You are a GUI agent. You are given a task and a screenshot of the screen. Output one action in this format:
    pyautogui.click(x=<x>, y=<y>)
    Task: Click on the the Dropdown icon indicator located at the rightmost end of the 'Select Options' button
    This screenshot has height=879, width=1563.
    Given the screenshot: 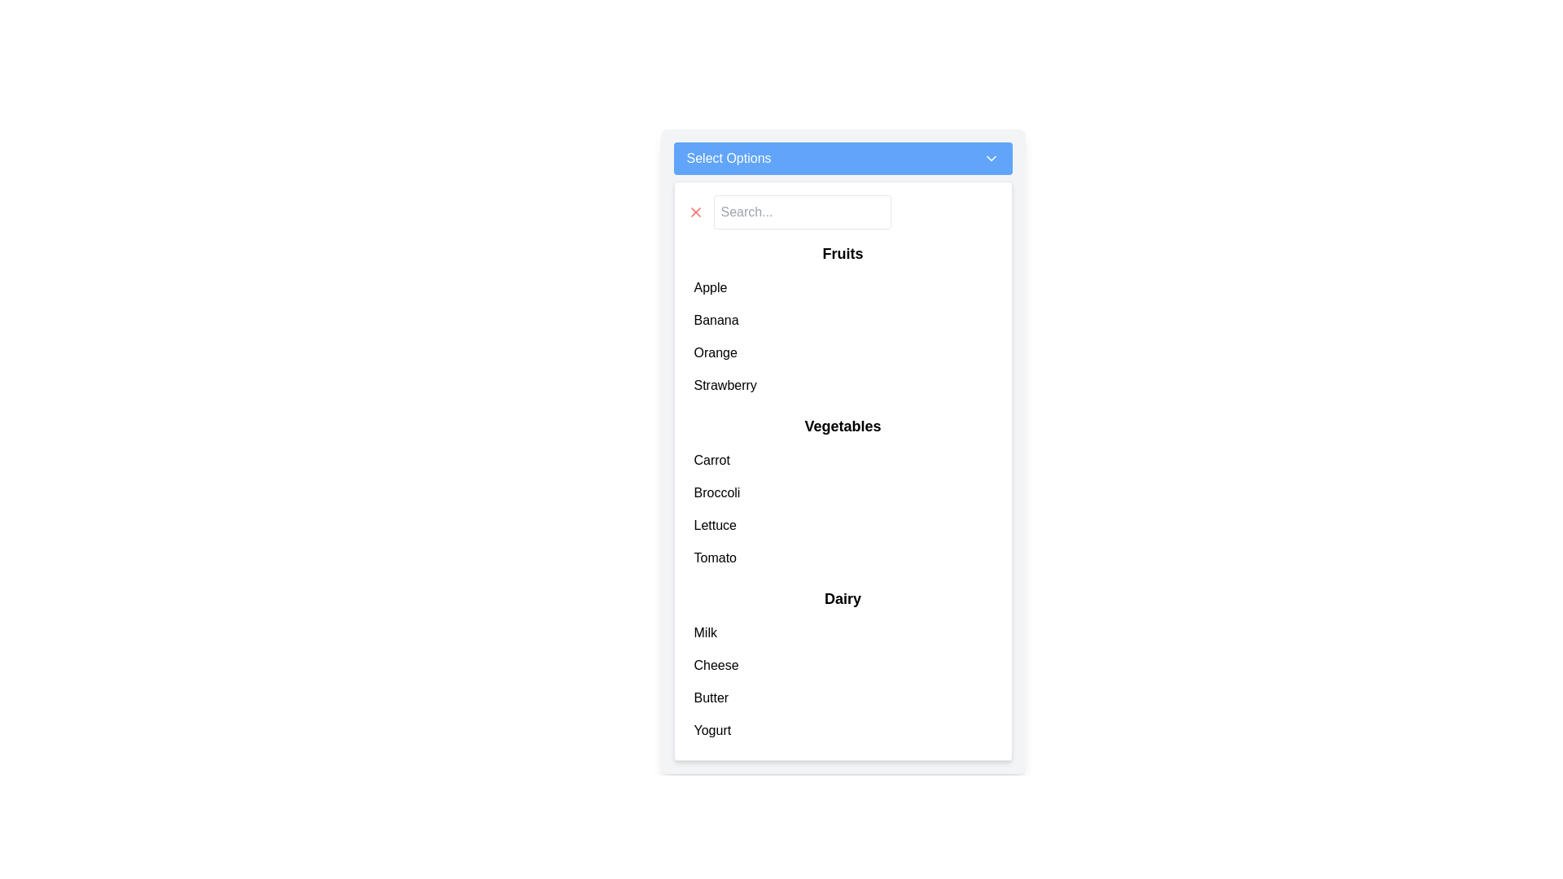 What is the action you would take?
    pyautogui.click(x=990, y=159)
    